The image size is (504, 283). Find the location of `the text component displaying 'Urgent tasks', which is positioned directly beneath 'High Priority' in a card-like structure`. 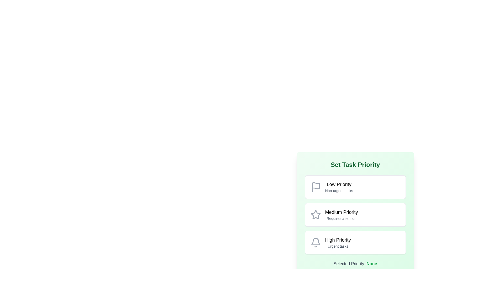

the text component displaying 'Urgent tasks', which is positioned directly beneath 'High Priority' in a card-like structure is located at coordinates (338, 246).